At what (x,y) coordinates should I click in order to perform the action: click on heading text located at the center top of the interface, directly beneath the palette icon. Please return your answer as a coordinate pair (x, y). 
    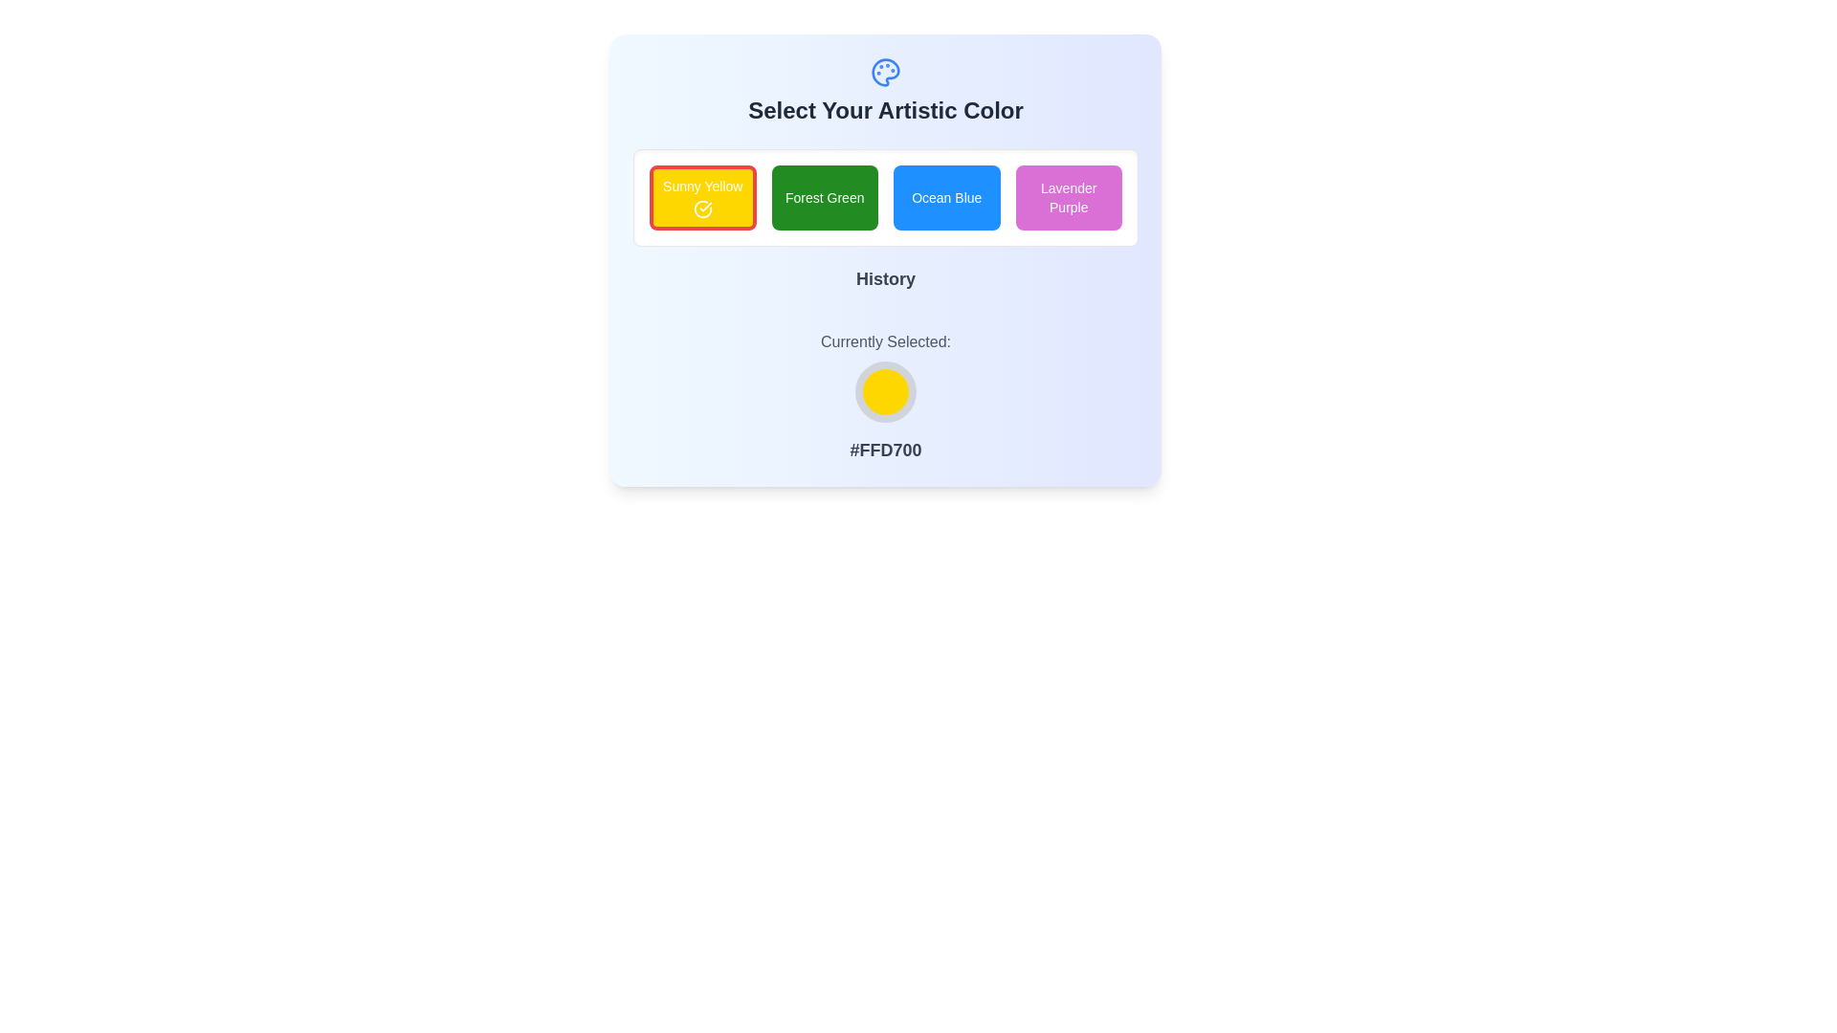
    Looking at the image, I should click on (885, 110).